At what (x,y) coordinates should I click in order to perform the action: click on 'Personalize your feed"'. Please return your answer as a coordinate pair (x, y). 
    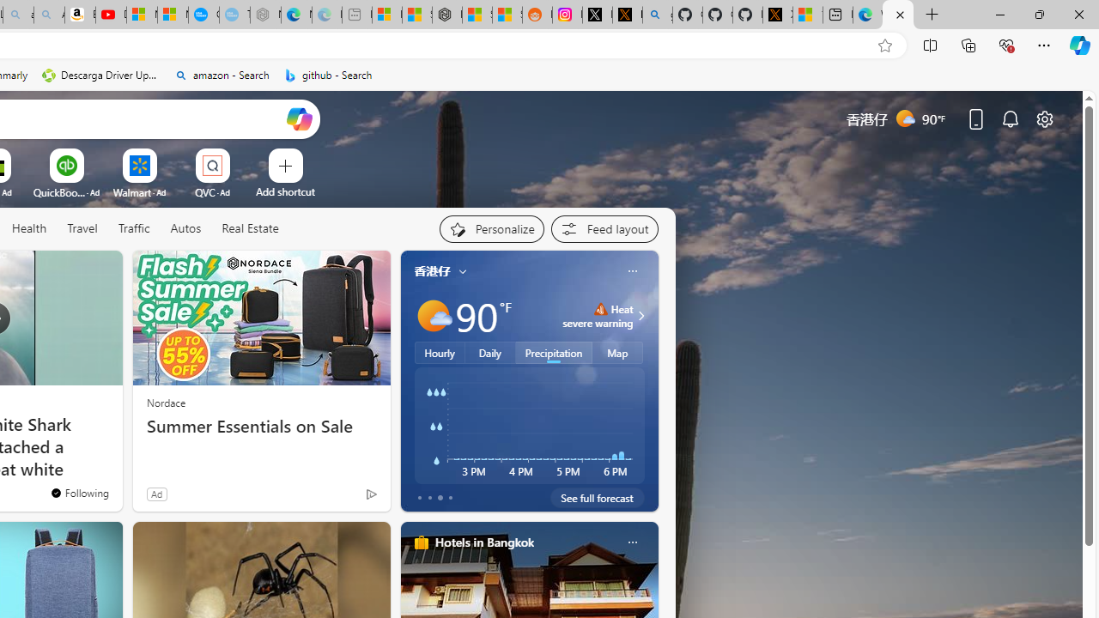
    Looking at the image, I should click on (490, 228).